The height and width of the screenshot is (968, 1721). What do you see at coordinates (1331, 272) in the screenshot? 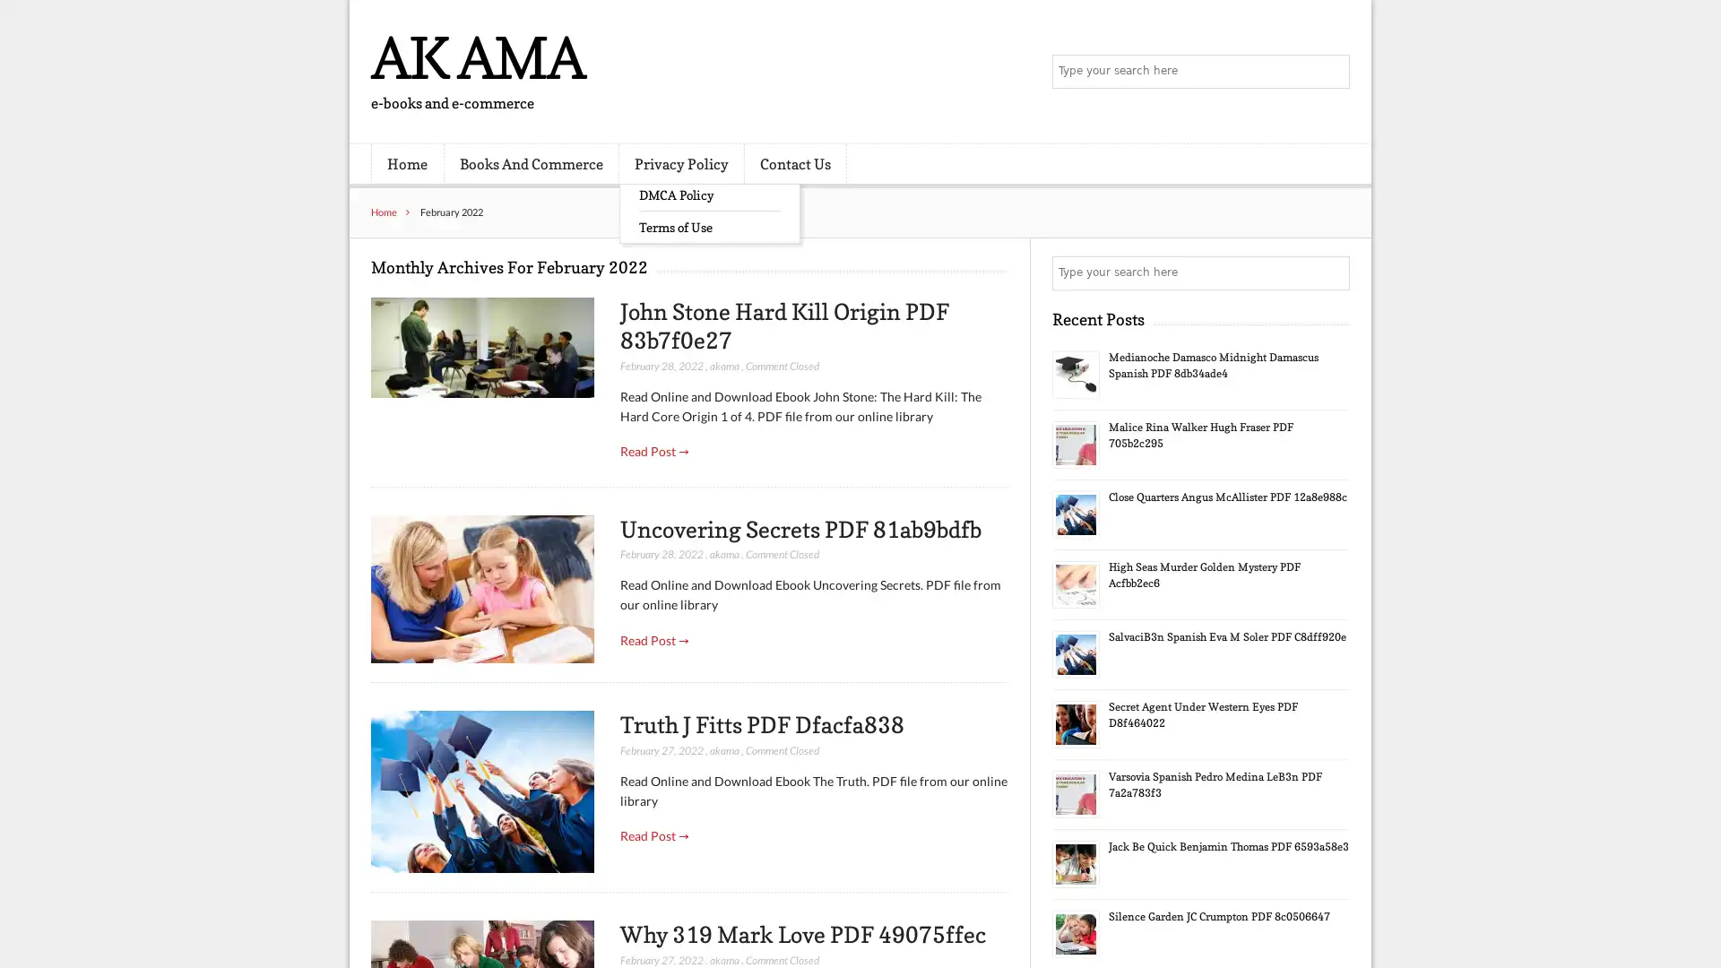
I see `Search` at bounding box center [1331, 272].